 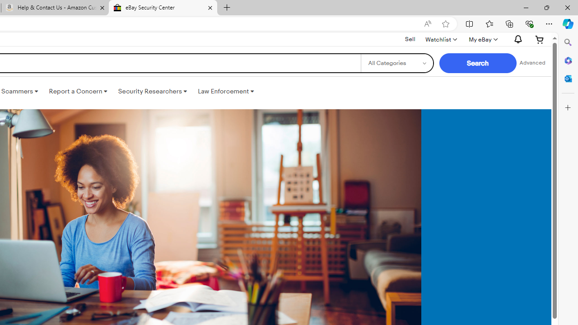 I want to click on 'Notifications', so click(x=516, y=39).